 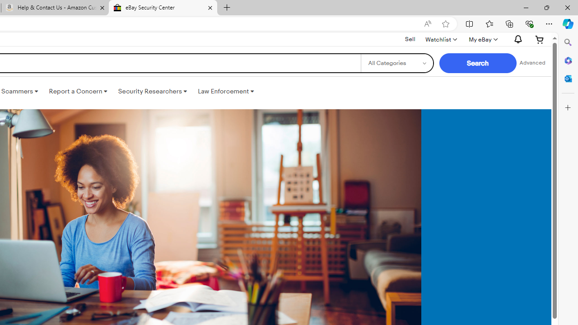 I want to click on 'Notifications', so click(x=516, y=39).